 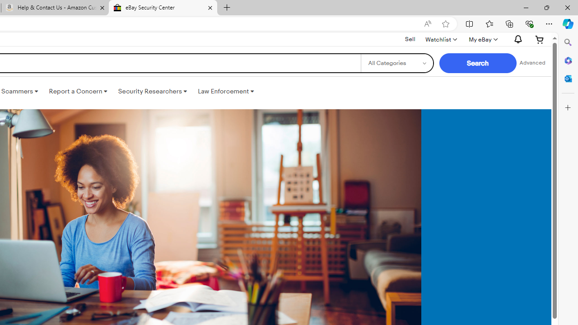 I want to click on 'Notifications', so click(x=516, y=39).